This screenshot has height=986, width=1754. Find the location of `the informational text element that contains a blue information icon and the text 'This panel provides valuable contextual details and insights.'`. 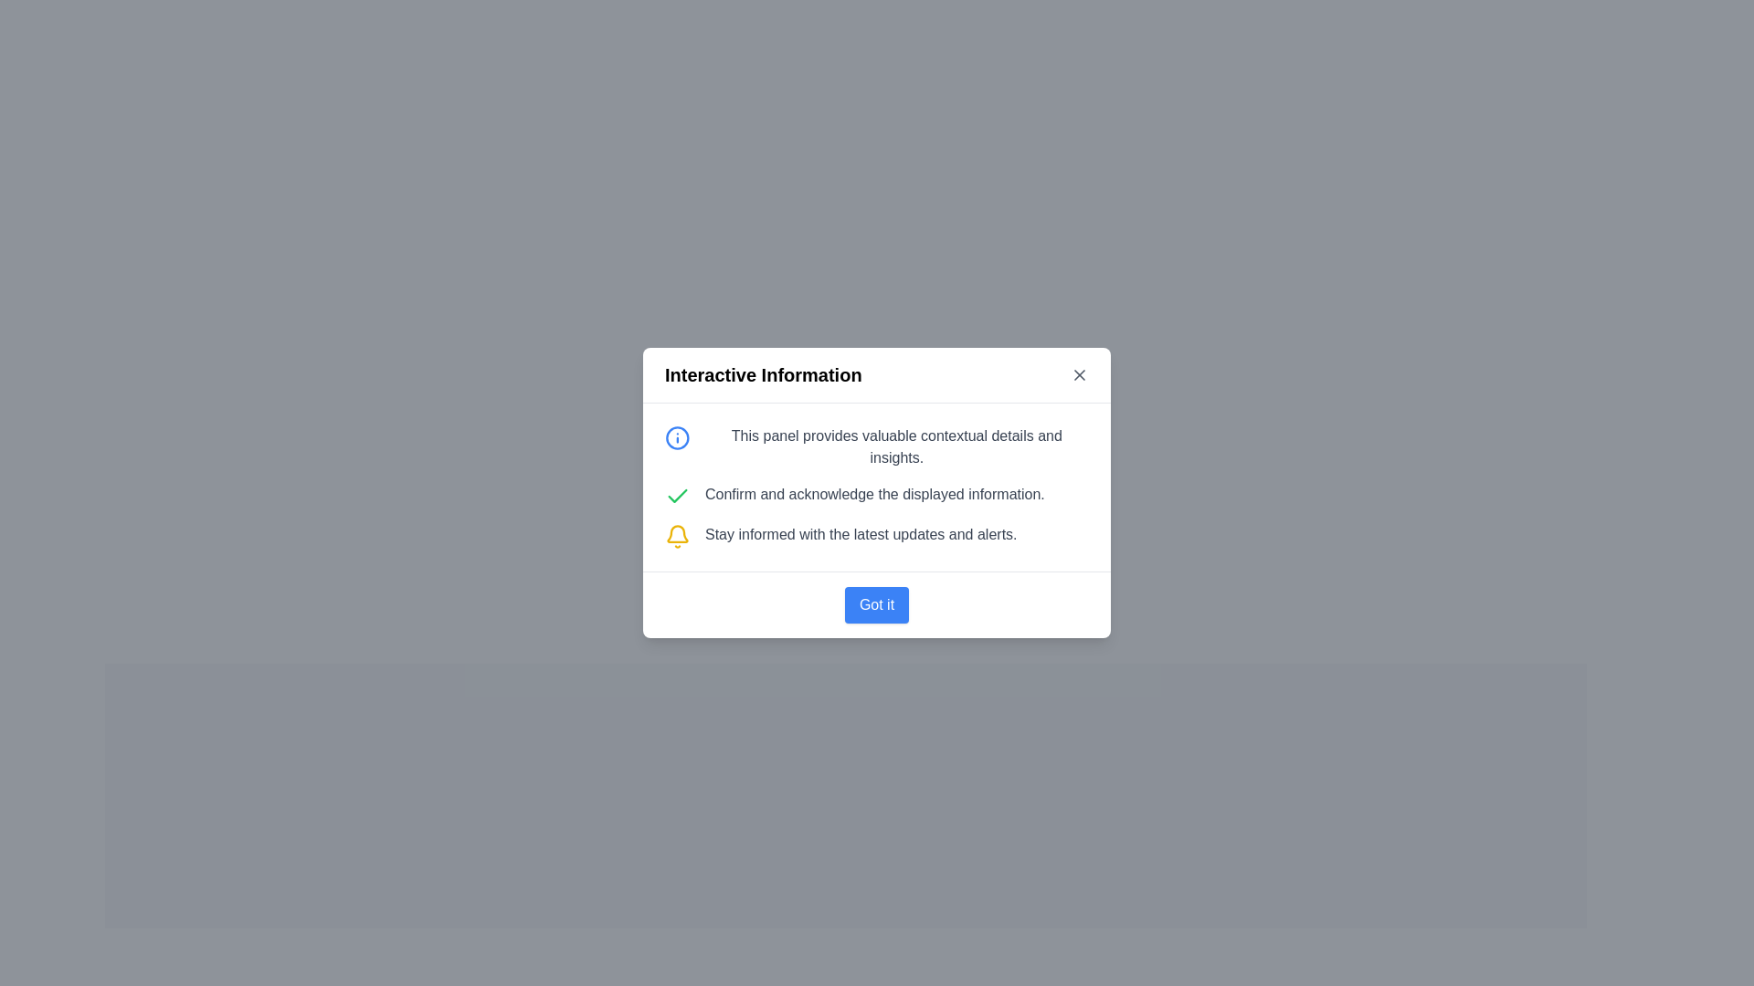

the informational text element that contains a blue information icon and the text 'This panel provides valuable contextual details and insights.' is located at coordinates (877, 446).